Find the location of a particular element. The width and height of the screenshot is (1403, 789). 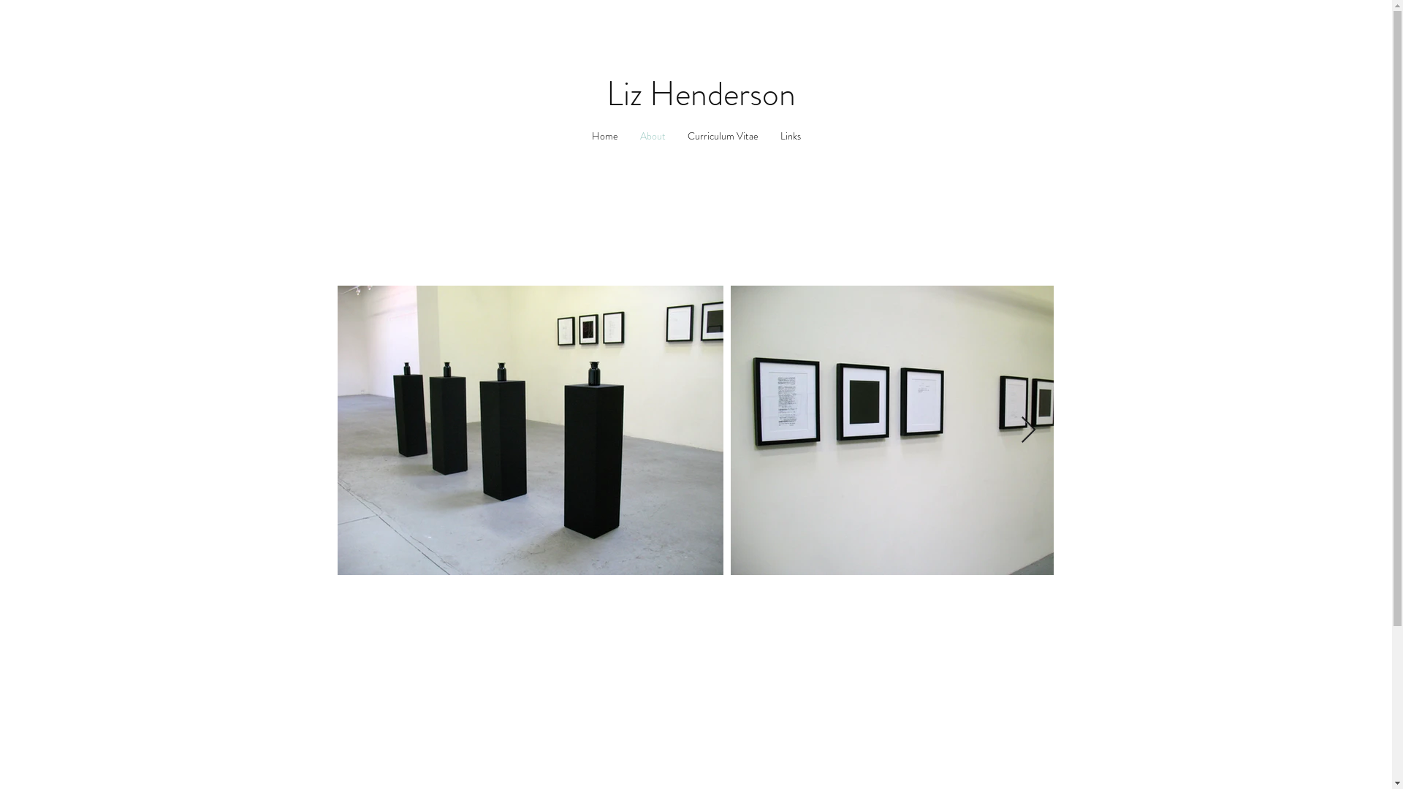

'About' is located at coordinates (651, 136).